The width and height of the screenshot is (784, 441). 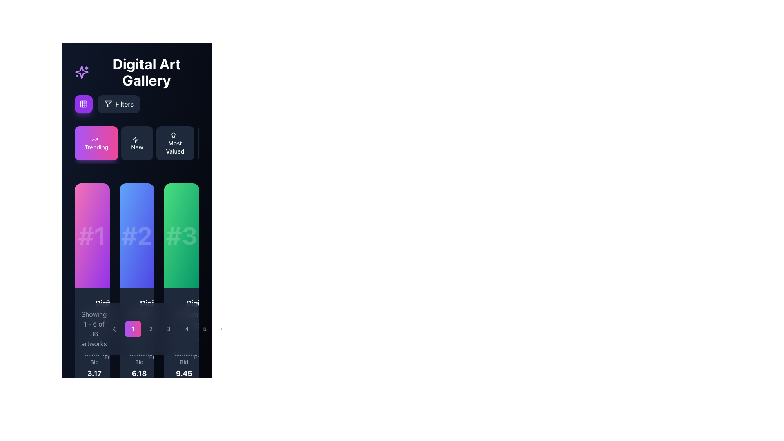 I want to click on the rectangular button labeled 'New' with a white lightning bolt icon, positioned between the 'Trending' and 'Most Valued' buttons, so click(x=137, y=143).